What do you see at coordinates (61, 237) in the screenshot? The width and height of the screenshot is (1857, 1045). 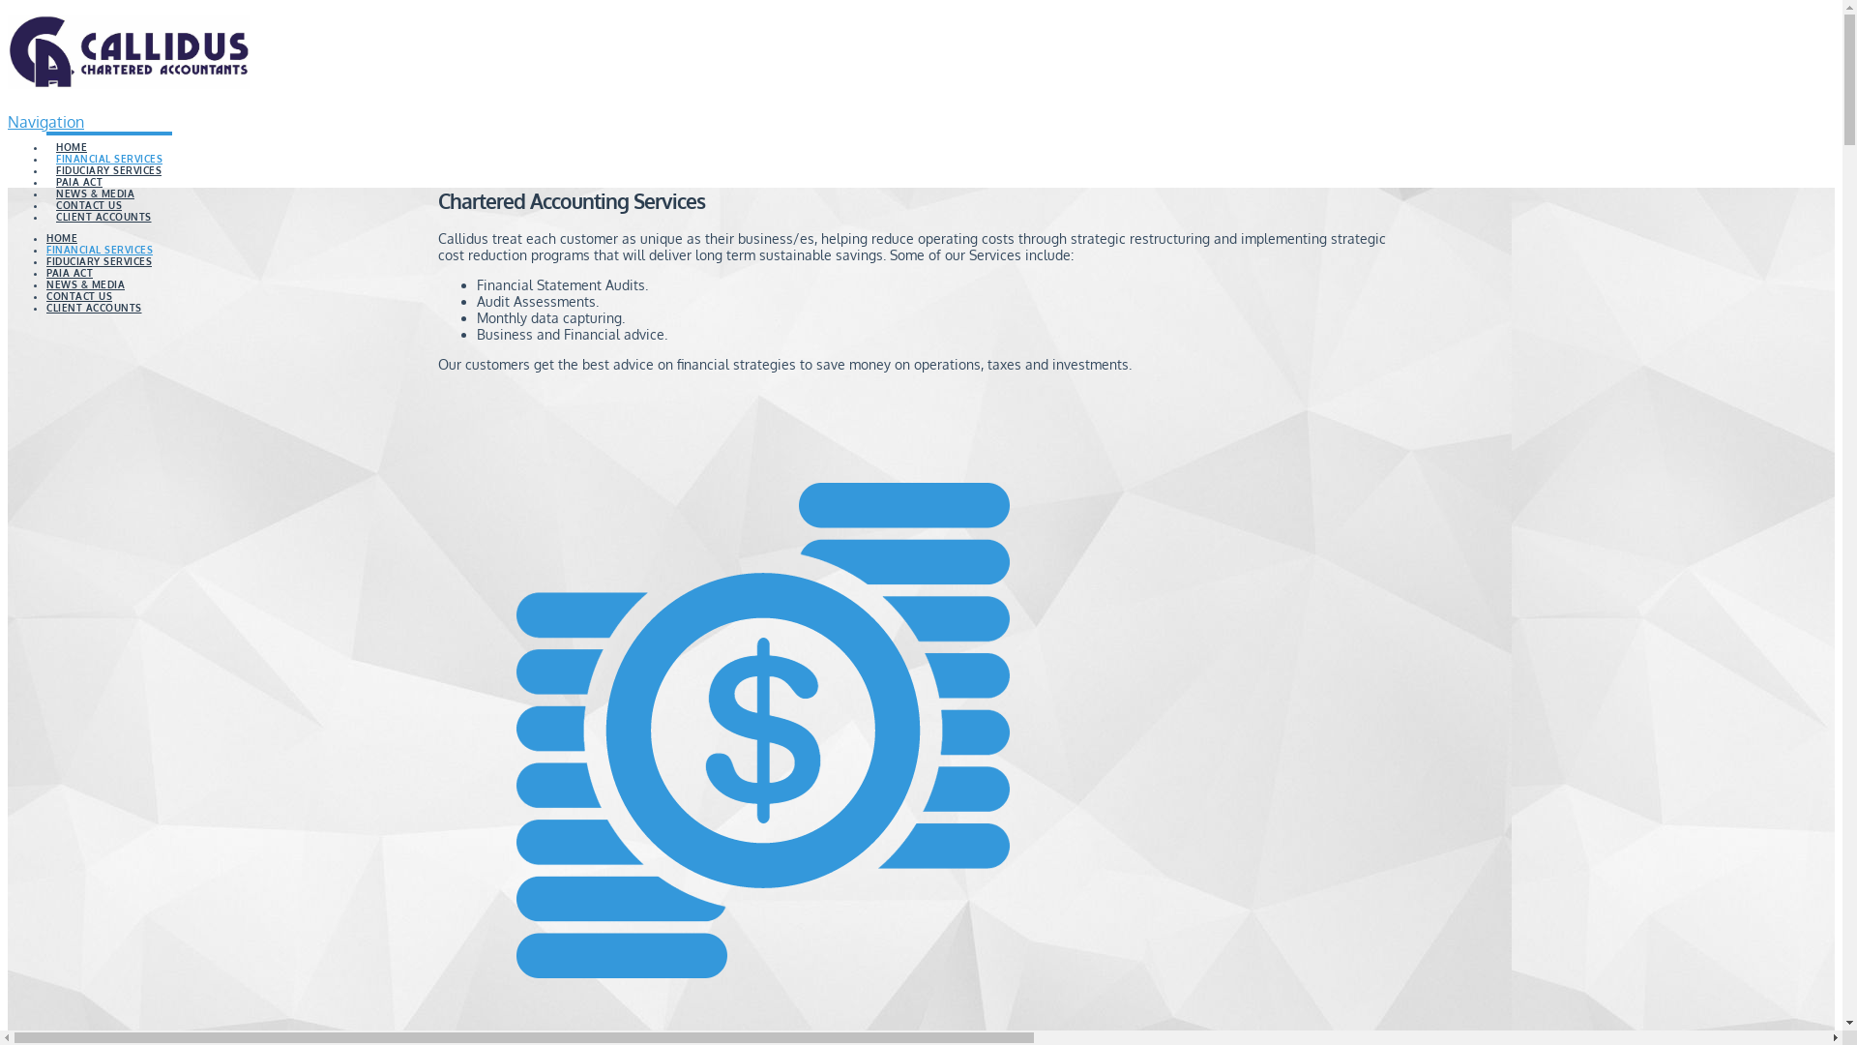 I see `'HOME'` at bounding box center [61, 237].